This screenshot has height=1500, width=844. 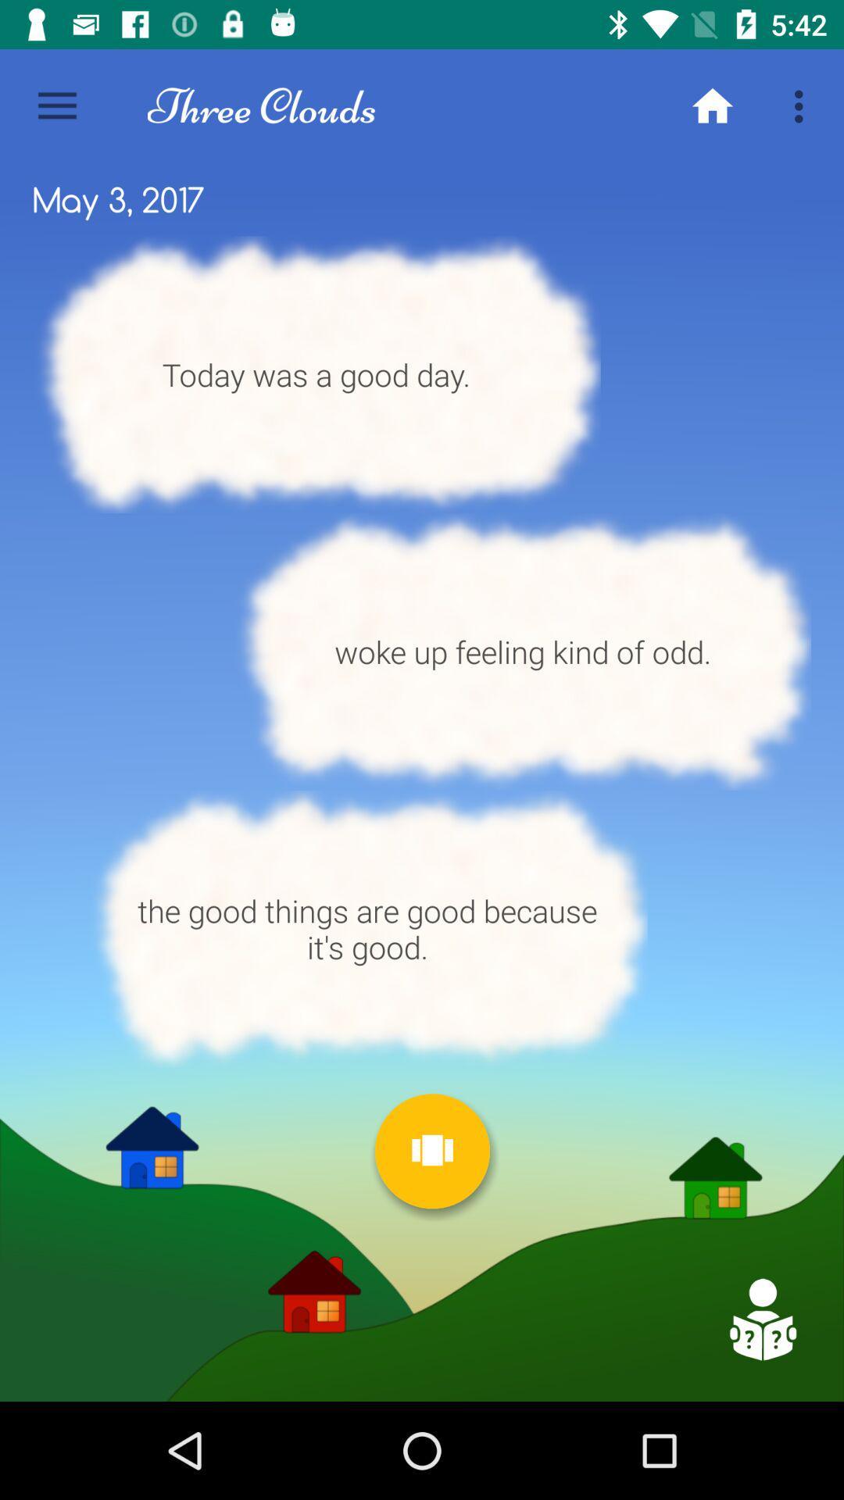 I want to click on it 's purple arrow pointing to the left, so click(x=761, y=1319).